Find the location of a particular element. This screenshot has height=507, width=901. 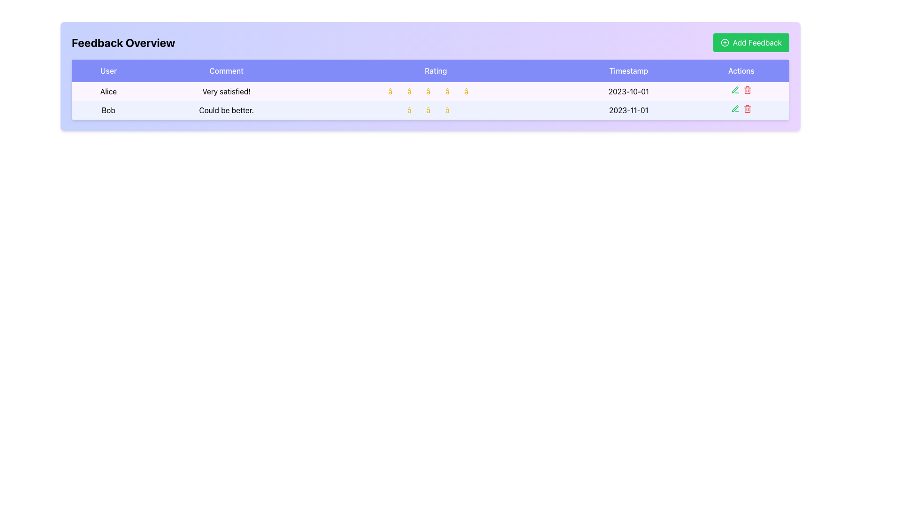

the static text displaying the timestamp '2023-11-01' in the second row of the feedback table for user 'Bob', located under the 'Timestamp' column is located at coordinates (628, 110).